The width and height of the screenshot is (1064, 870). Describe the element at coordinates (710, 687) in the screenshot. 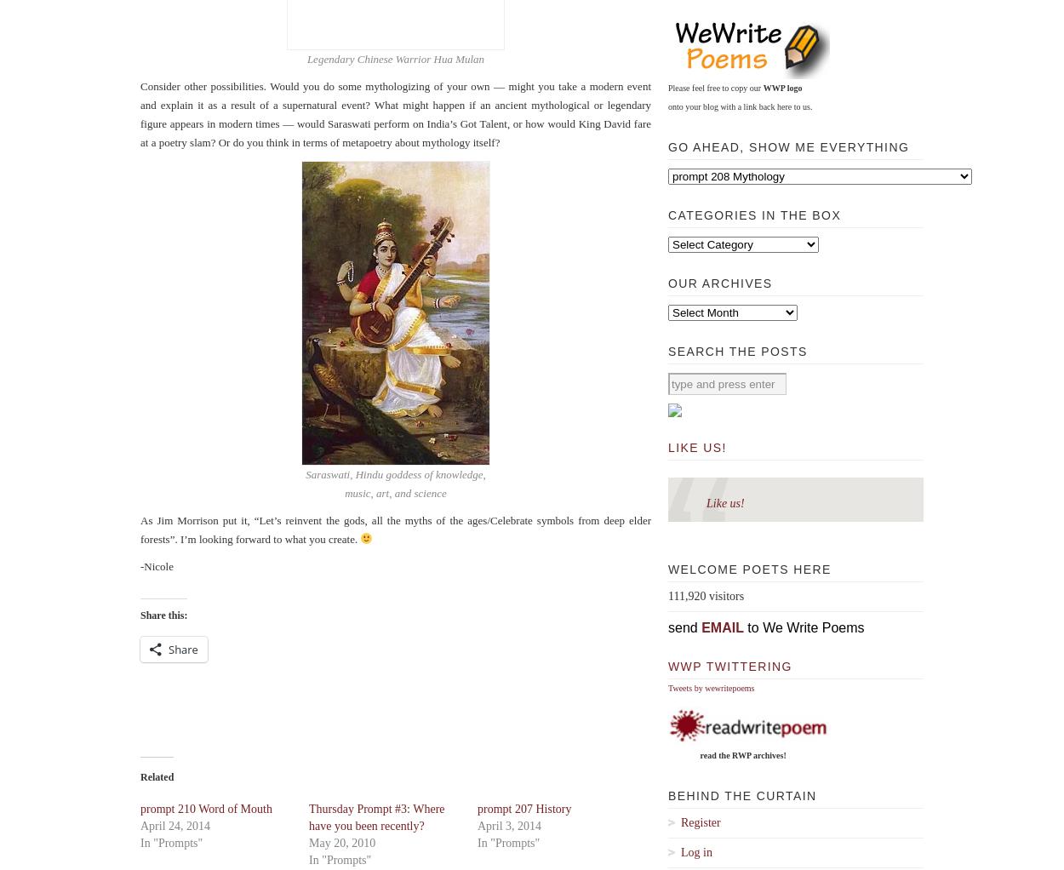

I see `'Tweets by wewritepoems'` at that location.